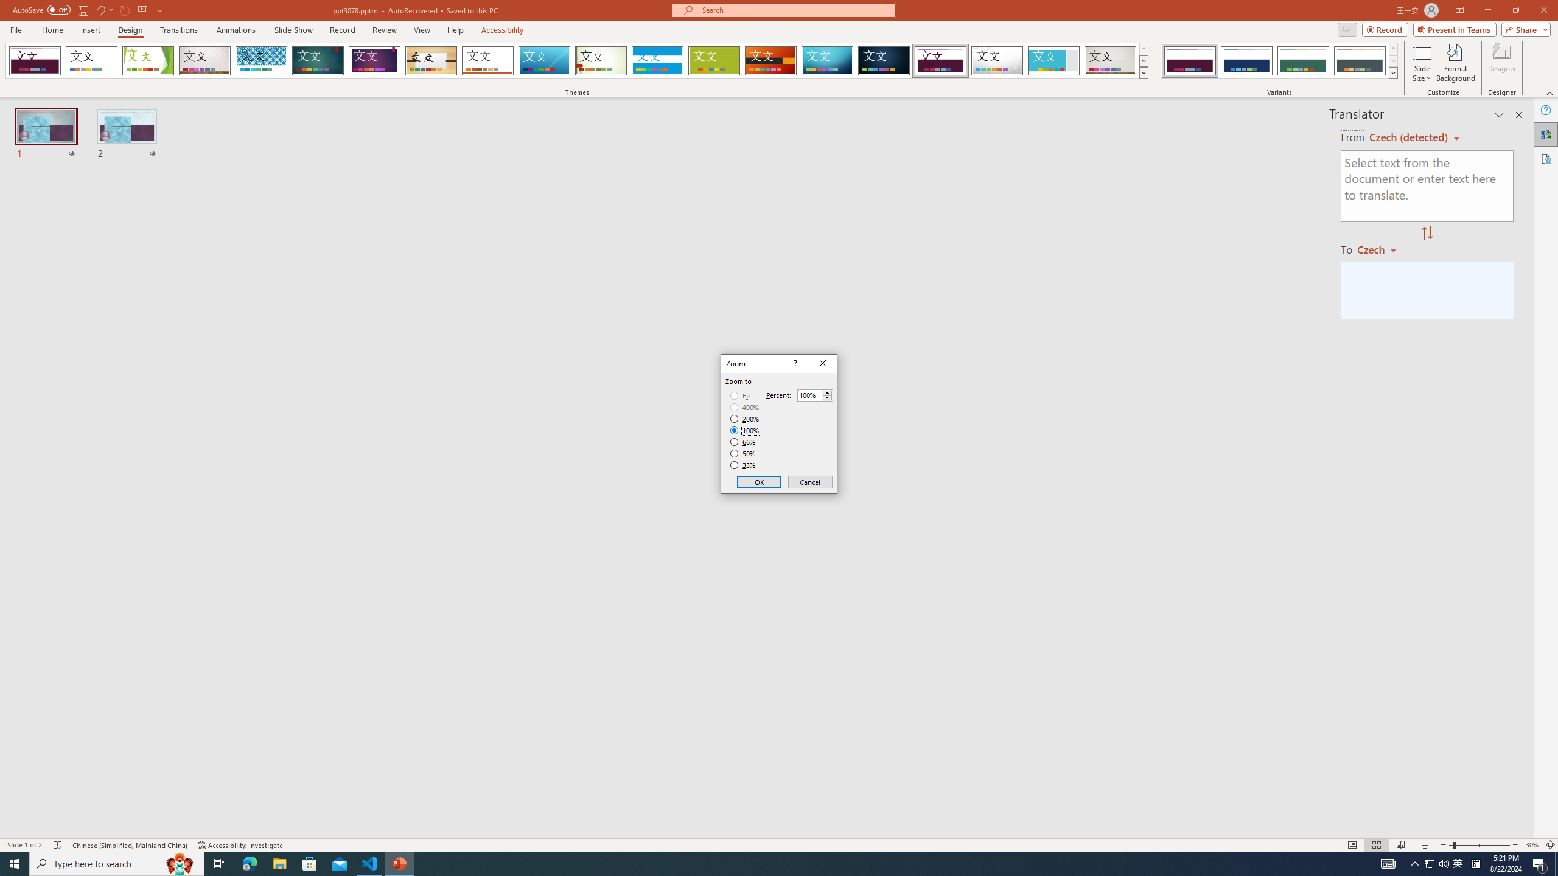 The width and height of the screenshot is (1558, 876). What do you see at coordinates (826, 60) in the screenshot?
I see `'Circuit'` at bounding box center [826, 60].